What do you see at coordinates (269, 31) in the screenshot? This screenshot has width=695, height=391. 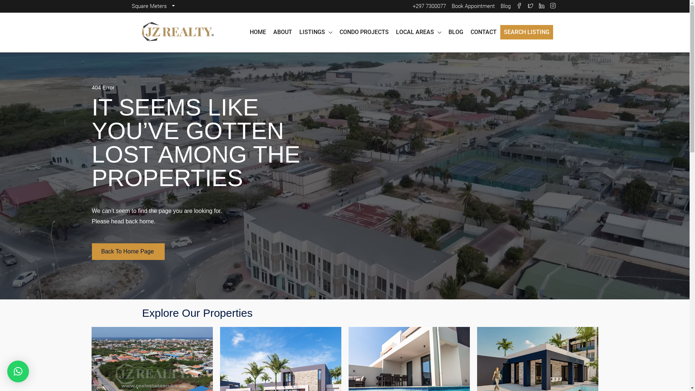 I see `'ABOUT'` at bounding box center [269, 31].